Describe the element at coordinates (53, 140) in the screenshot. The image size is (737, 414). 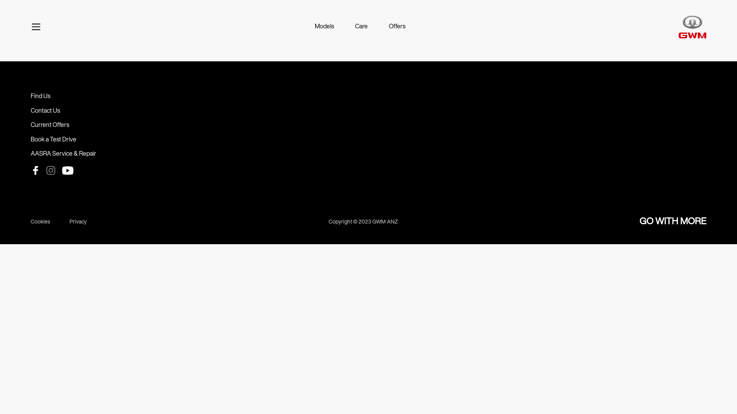
I see `'Book a Test Drive'` at that location.